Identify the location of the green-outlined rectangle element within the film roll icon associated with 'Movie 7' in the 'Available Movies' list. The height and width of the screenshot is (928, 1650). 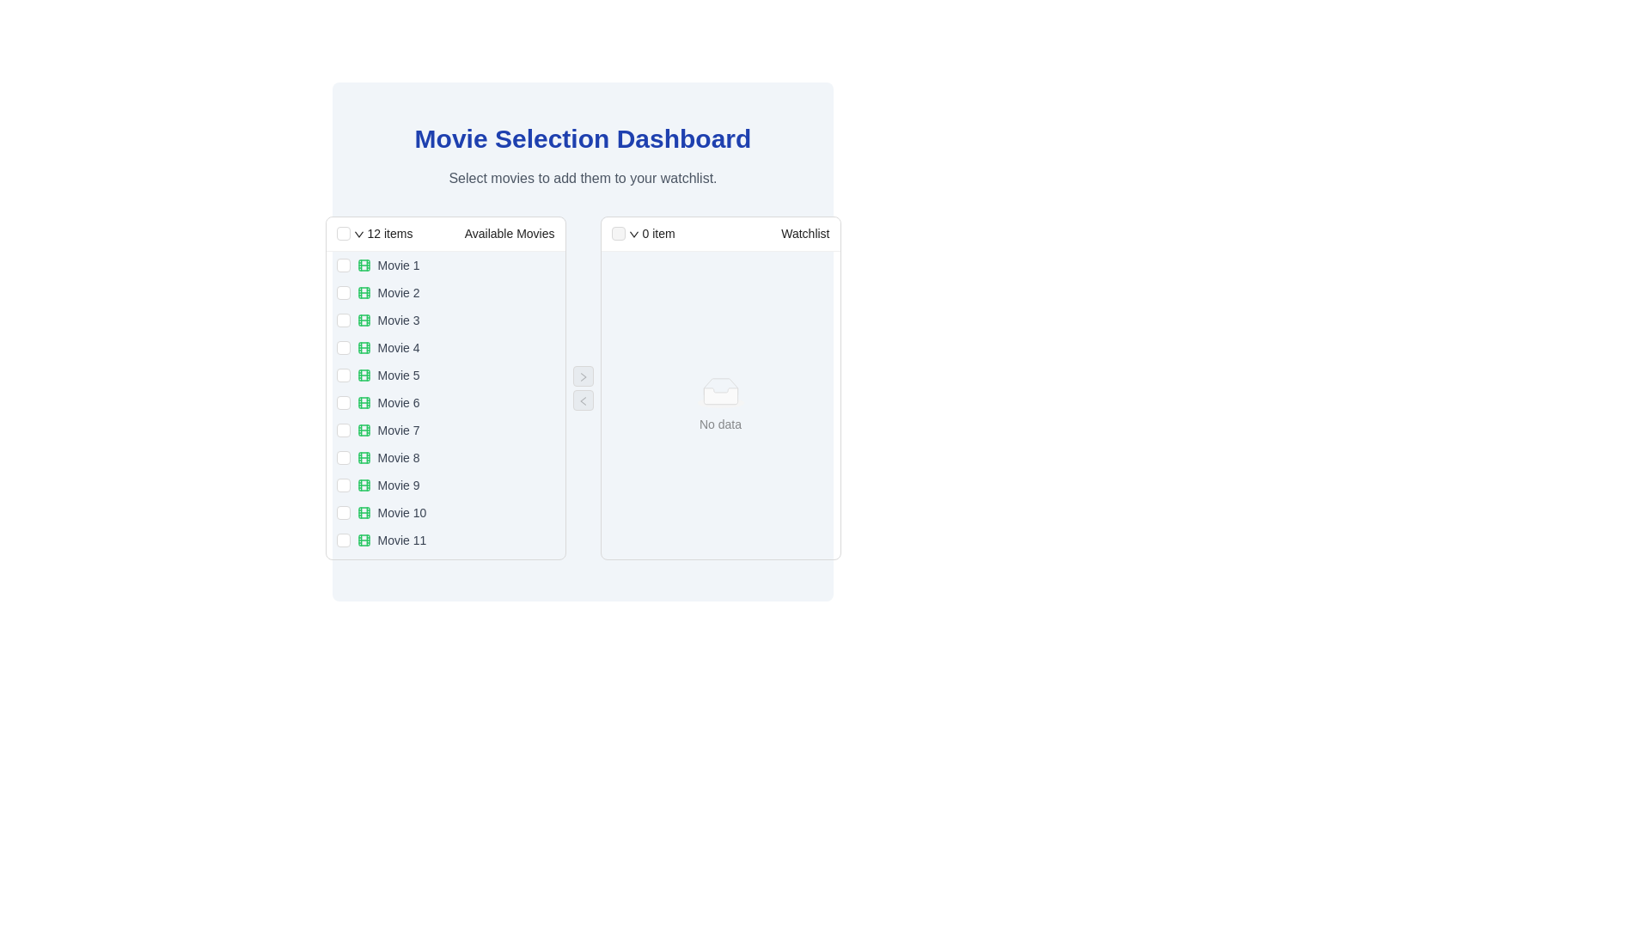
(363, 430).